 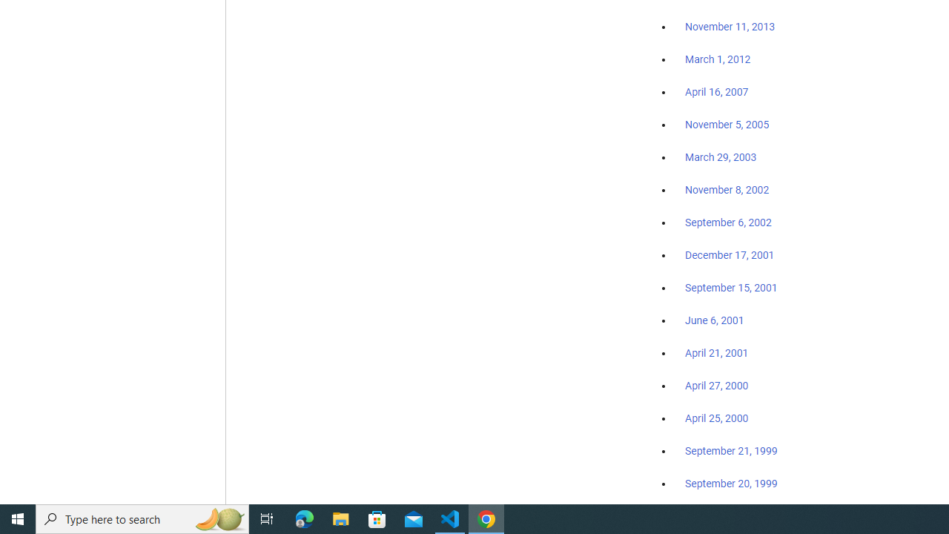 I want to click on 'November 5, 2005', so click(x=727, y=124).